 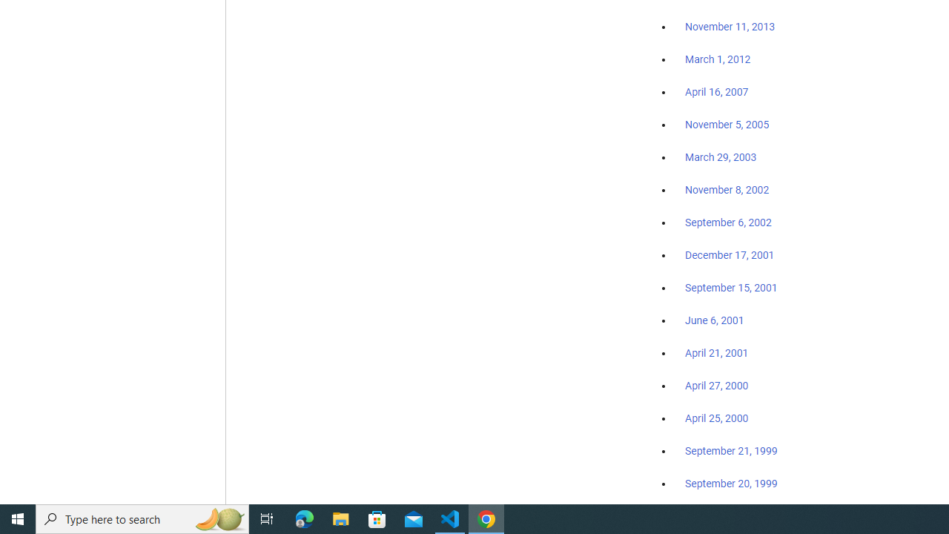 I want to click on 'November 5, 2005', so click(x=727, y=124).